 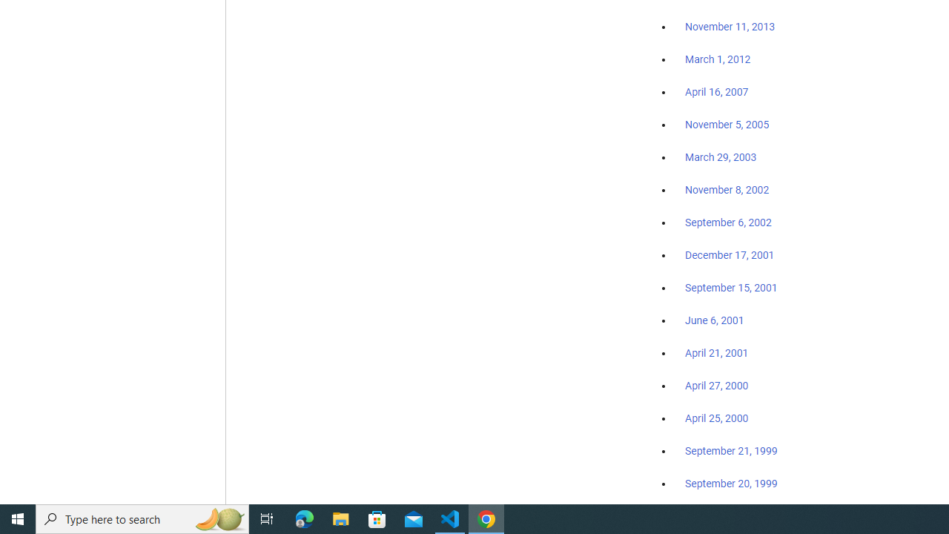 I want to click on 'November 5, 2005', so click(x=727, y=124).